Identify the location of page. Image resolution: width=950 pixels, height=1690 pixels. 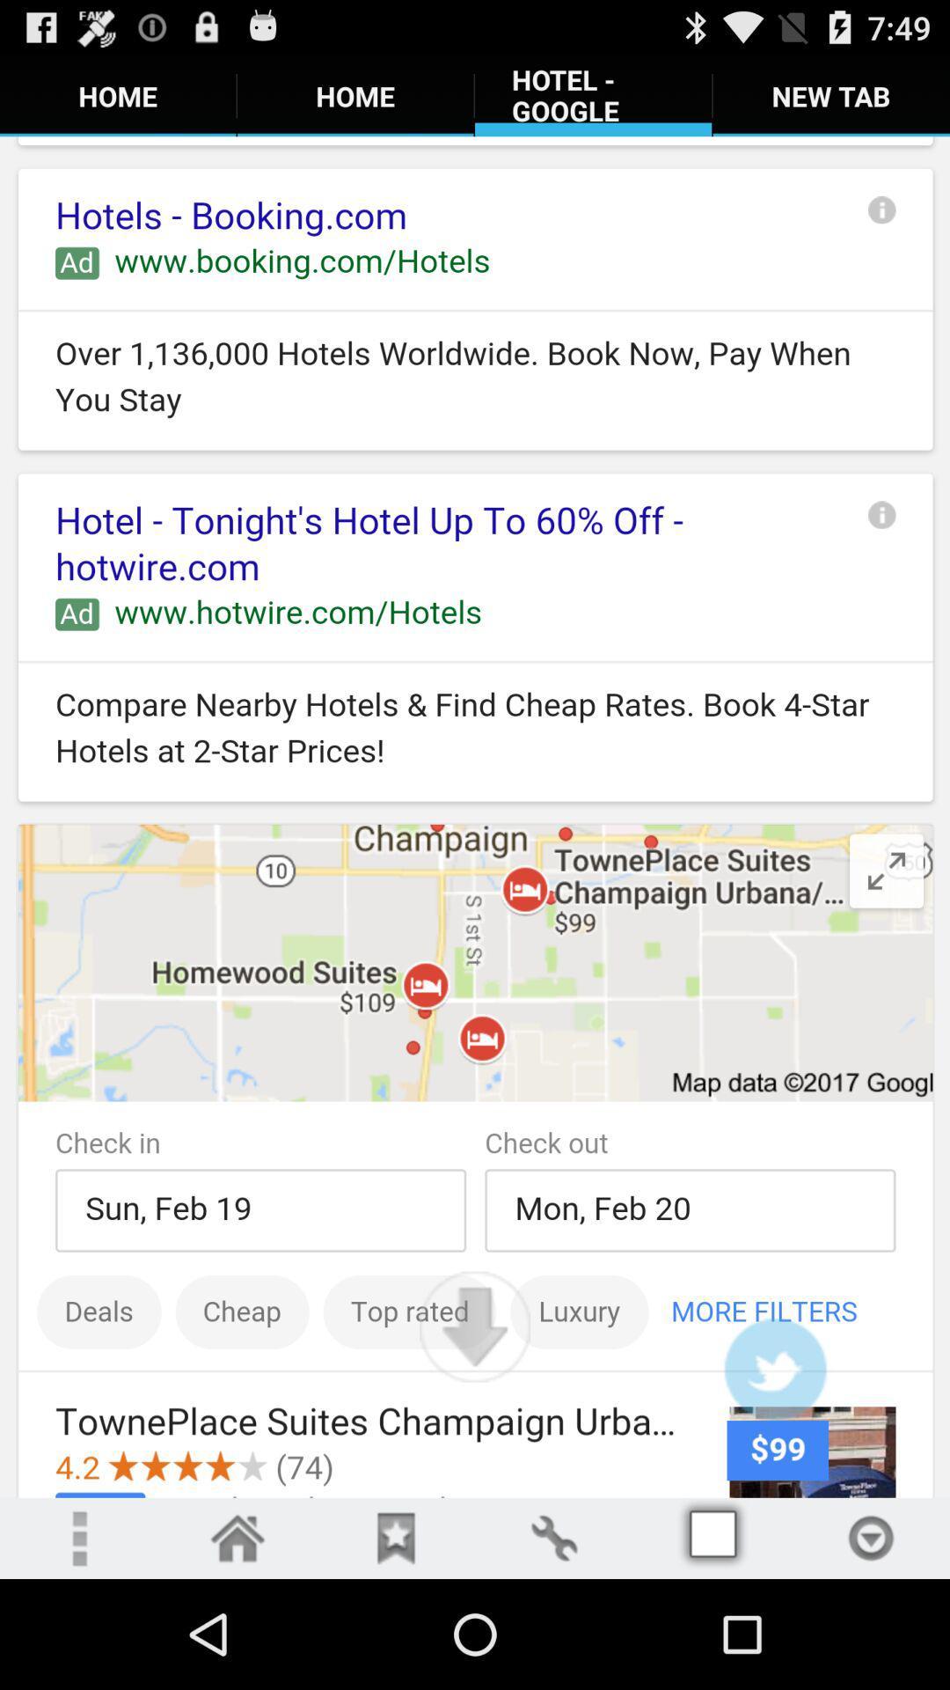
(396, 1537).